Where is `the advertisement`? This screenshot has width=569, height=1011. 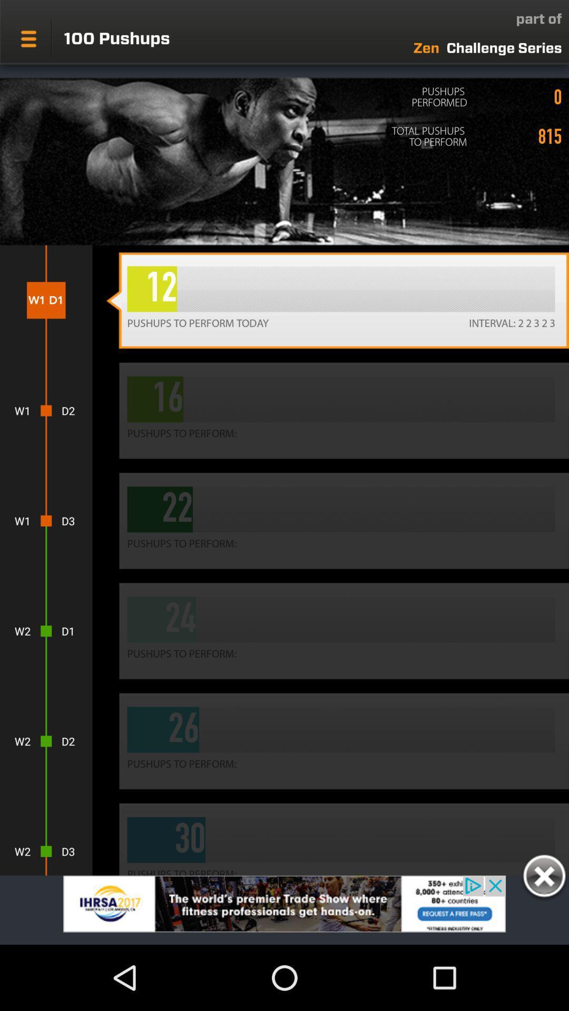 the advertisement is located at coordinates (544, 878).